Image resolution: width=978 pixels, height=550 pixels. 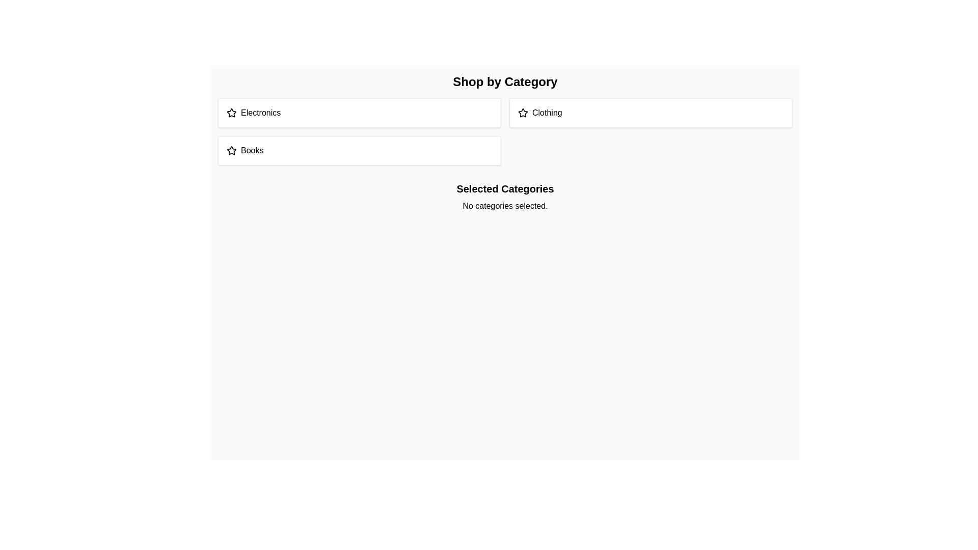 I want to click on the star icon located next, so click(x=523, y=112).